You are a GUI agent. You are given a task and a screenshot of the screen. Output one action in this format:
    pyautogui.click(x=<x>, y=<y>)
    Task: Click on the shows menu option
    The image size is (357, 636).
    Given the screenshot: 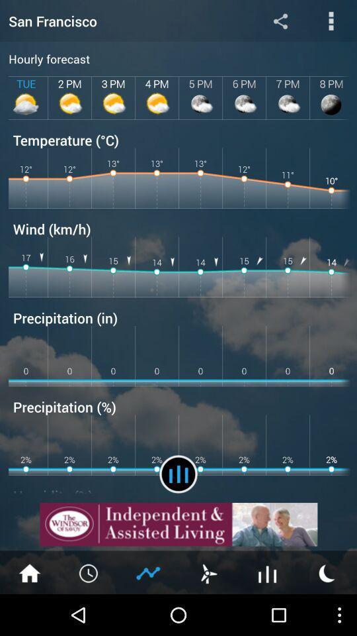 What is the action you would take?
    pyautogui.click(x=331, y=20)
    